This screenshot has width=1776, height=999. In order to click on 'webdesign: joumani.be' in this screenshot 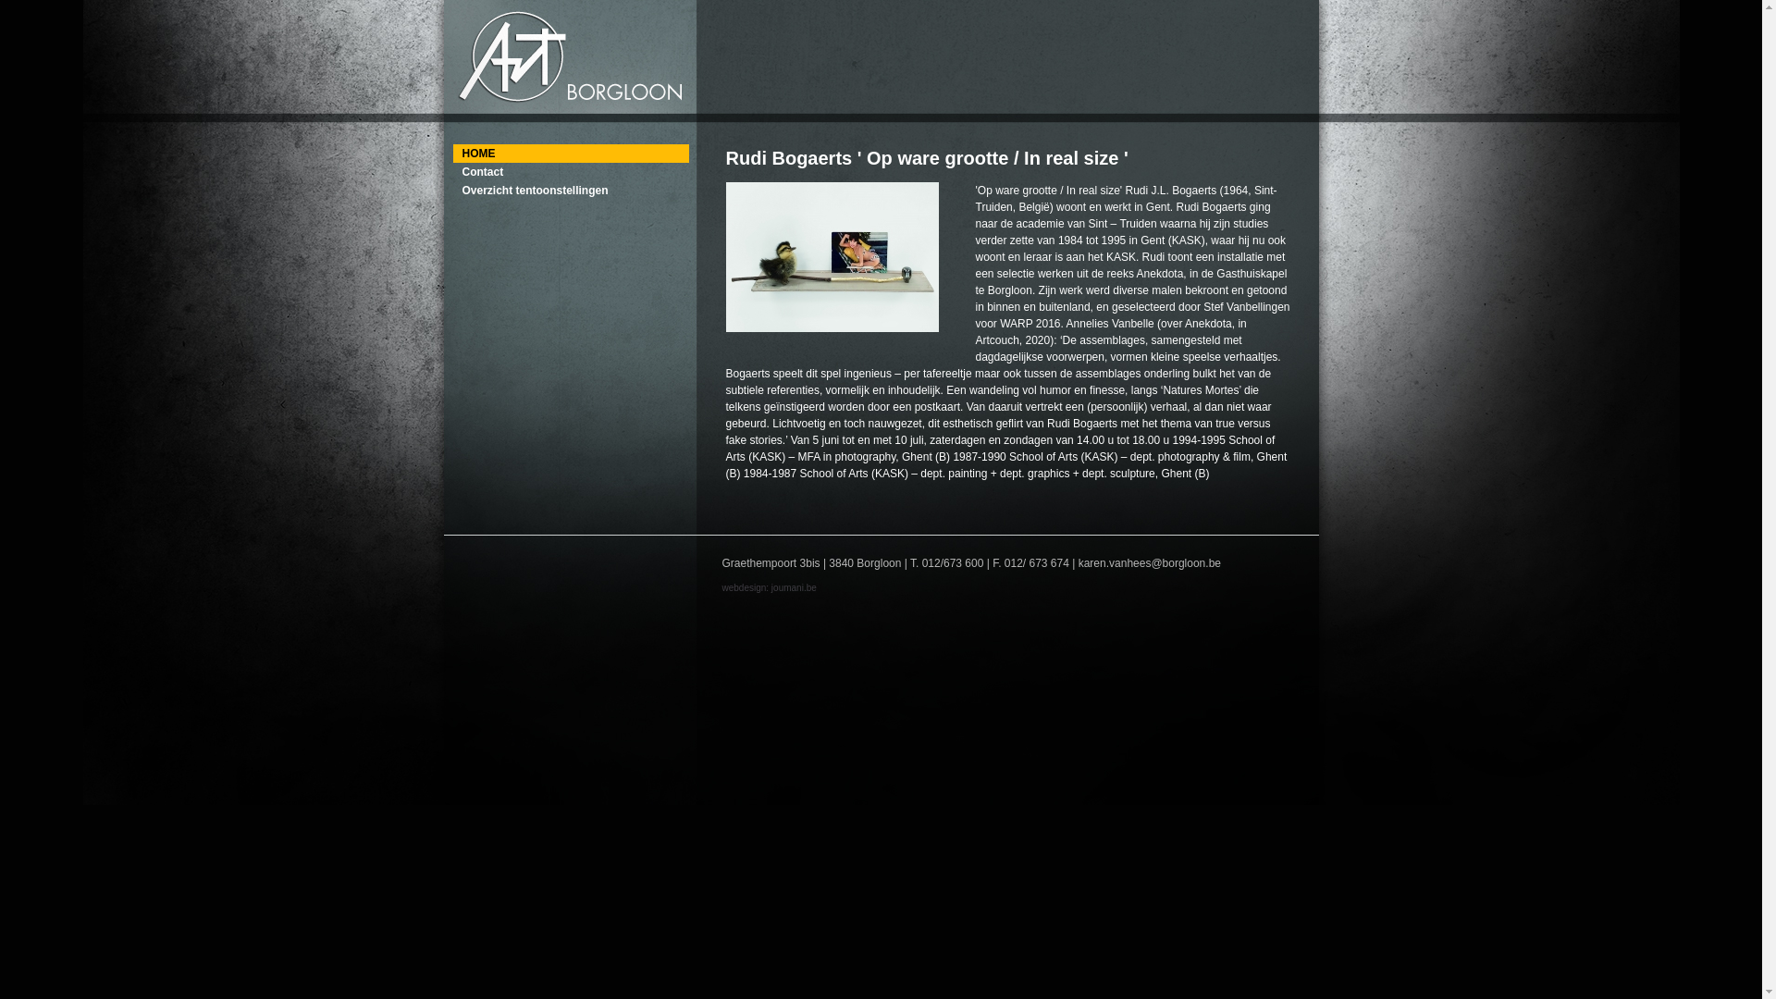, I will do `click(768, 587)`.